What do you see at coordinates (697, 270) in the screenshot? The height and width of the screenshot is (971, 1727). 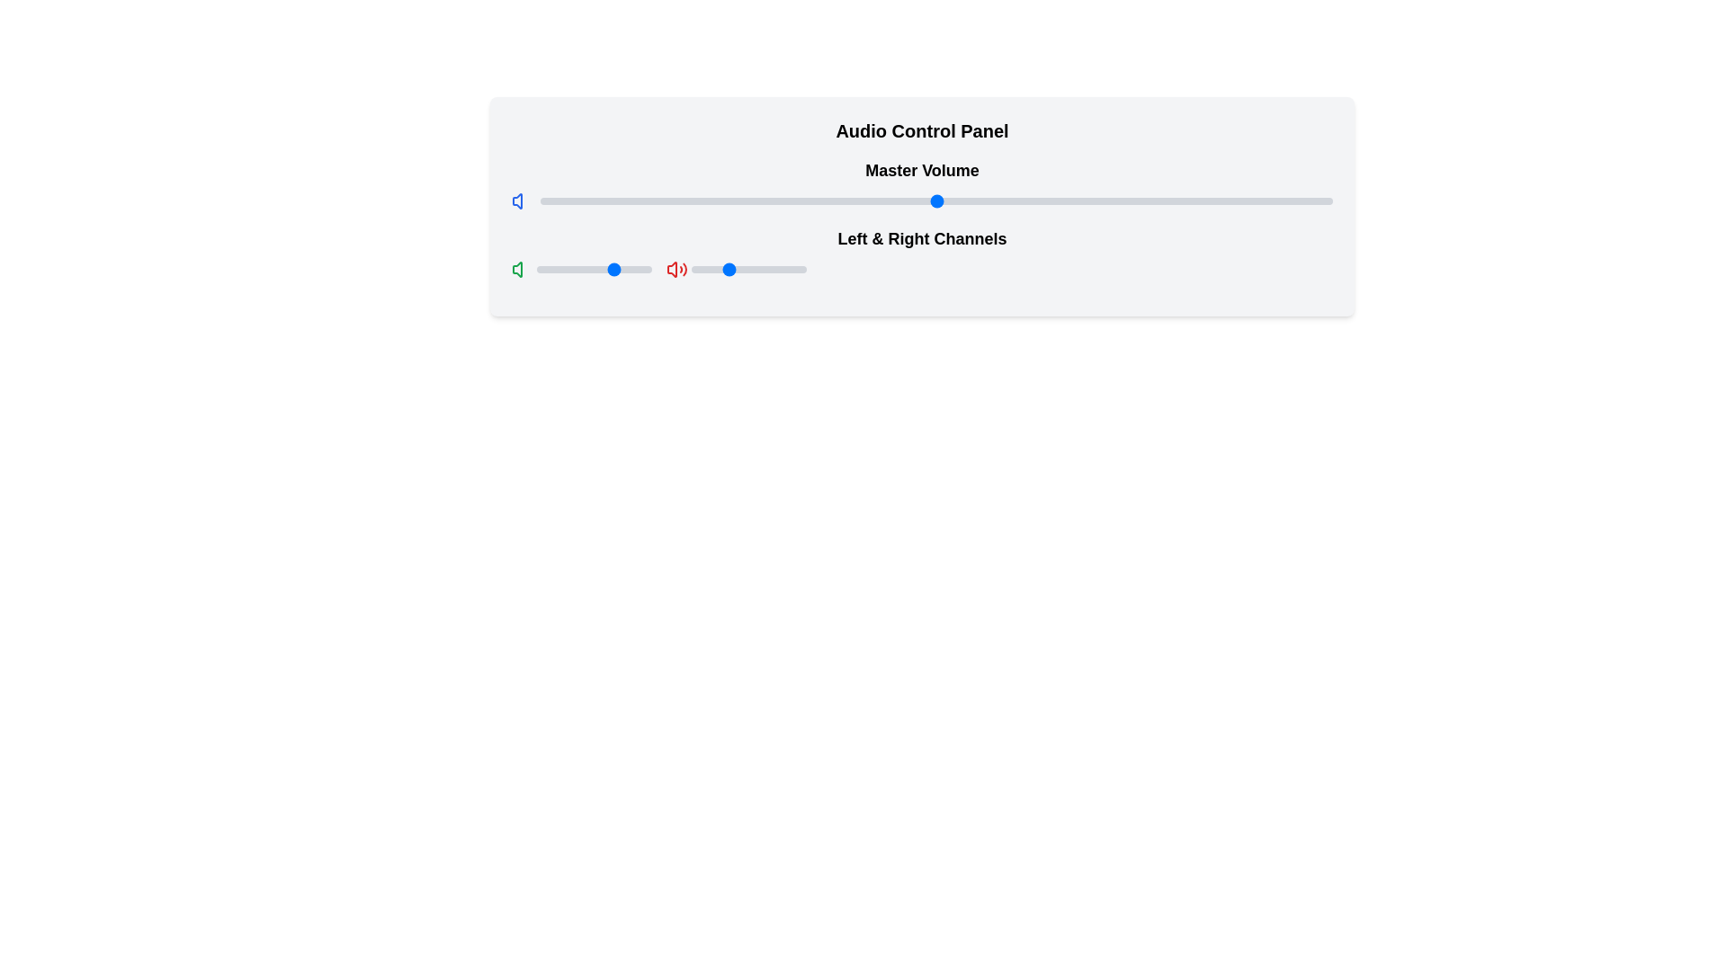 I see `the balance of left and right audio channels` at bounding box center [697, 270].